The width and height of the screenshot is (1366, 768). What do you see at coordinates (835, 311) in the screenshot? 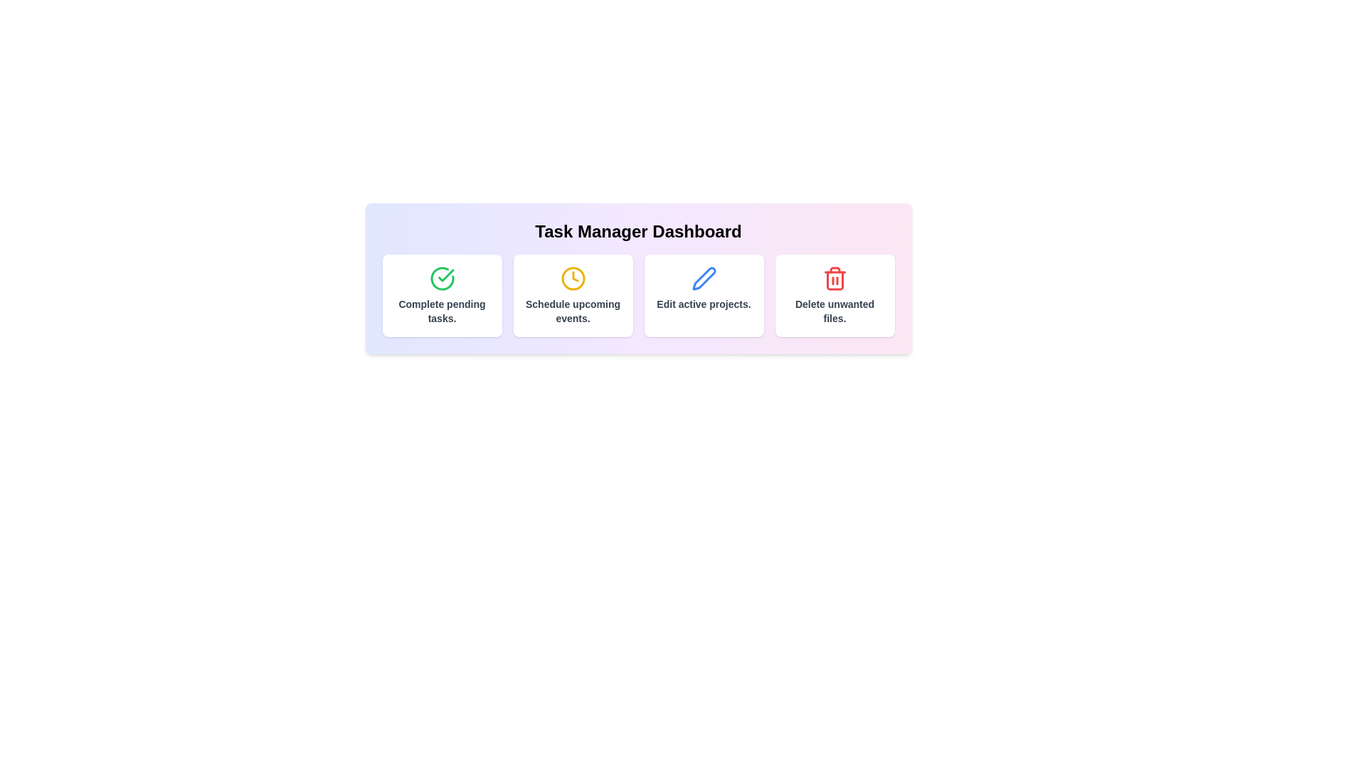
I see `descriptive text labeled 'This Text allows users to:' which is located at the bottom part of the fourth action card from the left in the dashboard interface` at bounding box center [835, 311].